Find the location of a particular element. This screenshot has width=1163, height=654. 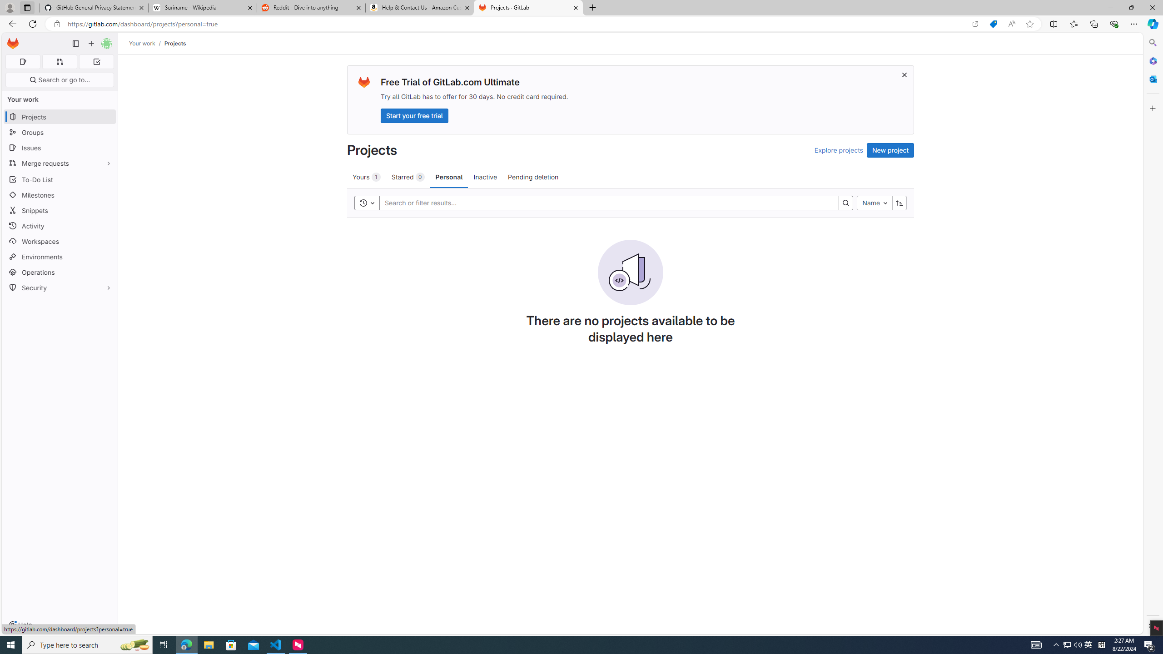

'Dismiss trial promotion' is located at coordinates (904, 74).